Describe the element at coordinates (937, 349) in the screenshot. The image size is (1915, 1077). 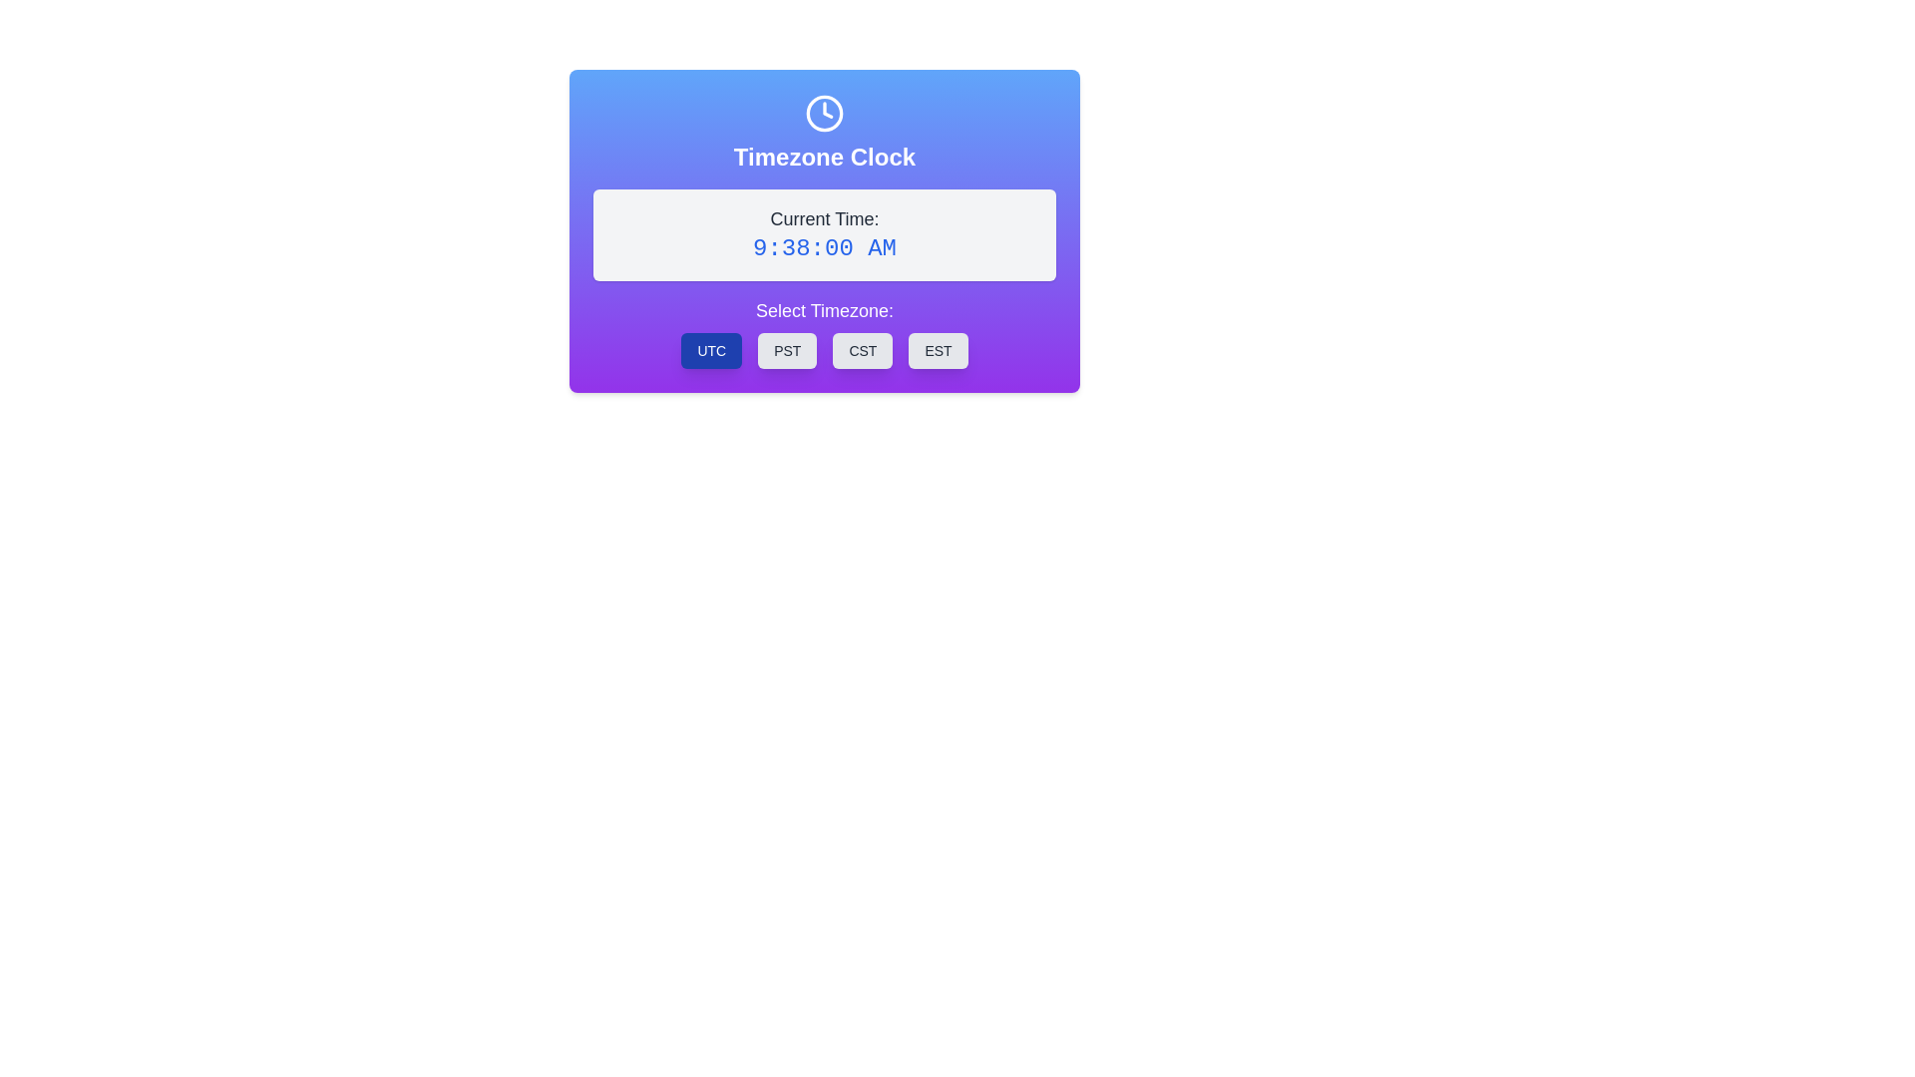
I see `the fourth button from the left, which selects the Eastern Standard Time (EST) timezone, to adjust the application's timezone settings accordingly` at that location.